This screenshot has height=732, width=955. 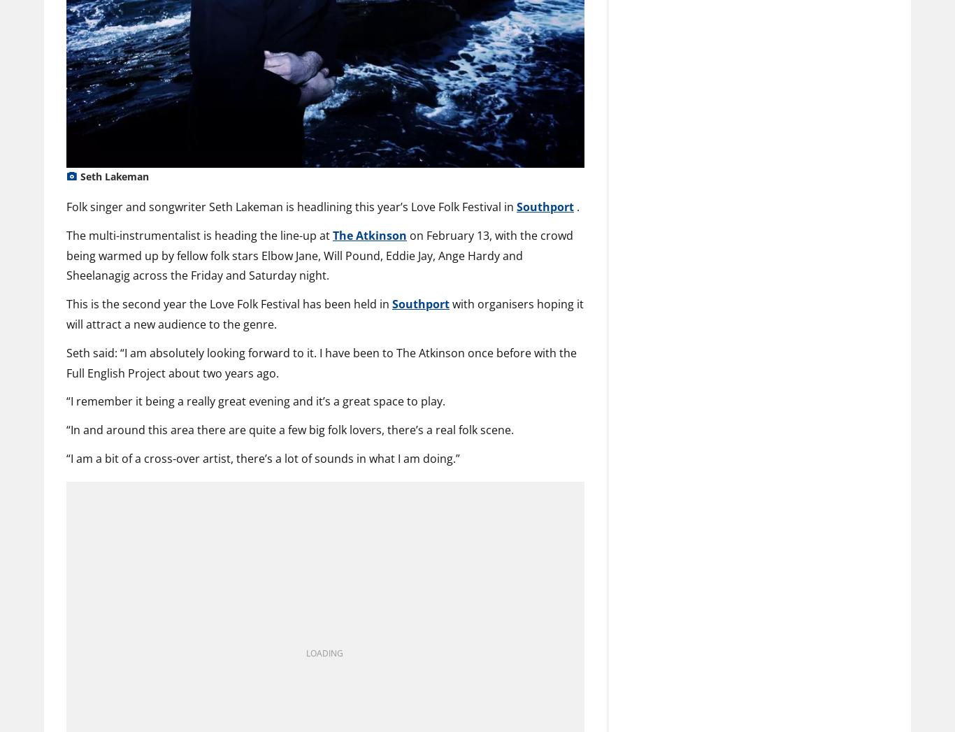 What do you see at coordinates (321, 361) in the screenshot?
I see `'Seth said: “I am absolutely looking forward to it. I have been to The Atkinson once before with the Full English Project about two years ago.'` at bounding box center [321, 361].